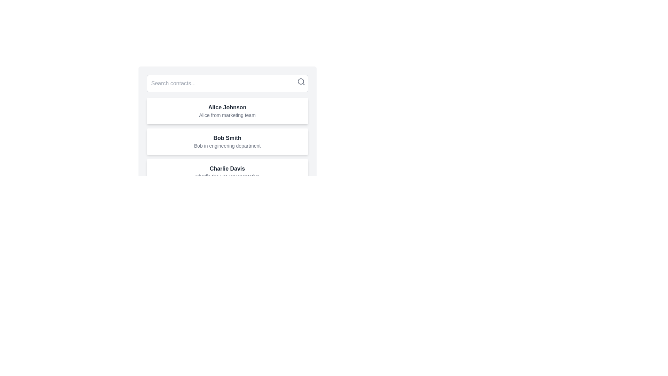 This screenshot has height=376, width=668. What do you see at coordinates (227, 176) in the screenshot?
I see `the descriptive subtitle text 'Charlie the HR representative' located within the third contact card, positioned below the name 'Charlie Davis'` at bounding box center [227, 176].